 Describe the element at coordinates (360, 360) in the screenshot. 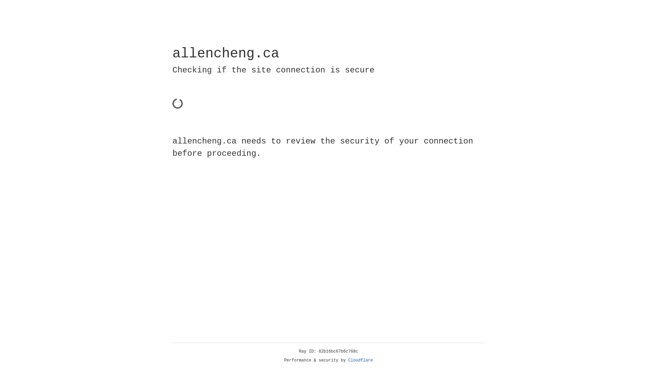

I see `'Cloudflare'` at that location.